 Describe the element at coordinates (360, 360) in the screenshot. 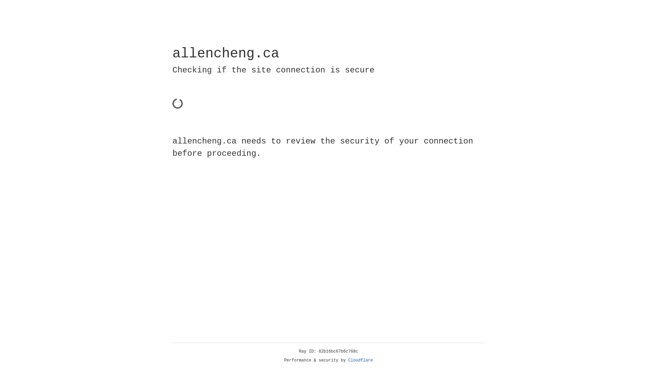

I see `'Cloudflare'` at that location.